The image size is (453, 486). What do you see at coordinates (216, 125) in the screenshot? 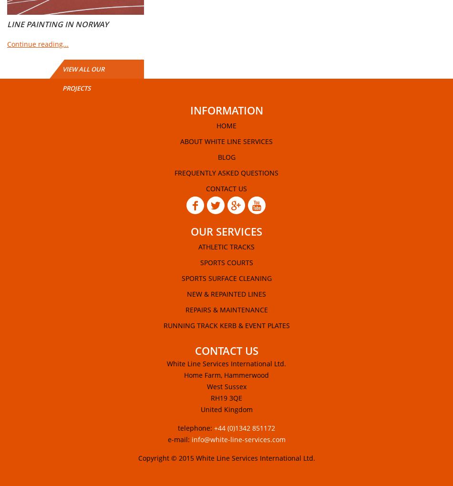
I see `'Home'` at bounding box center [216, 125].